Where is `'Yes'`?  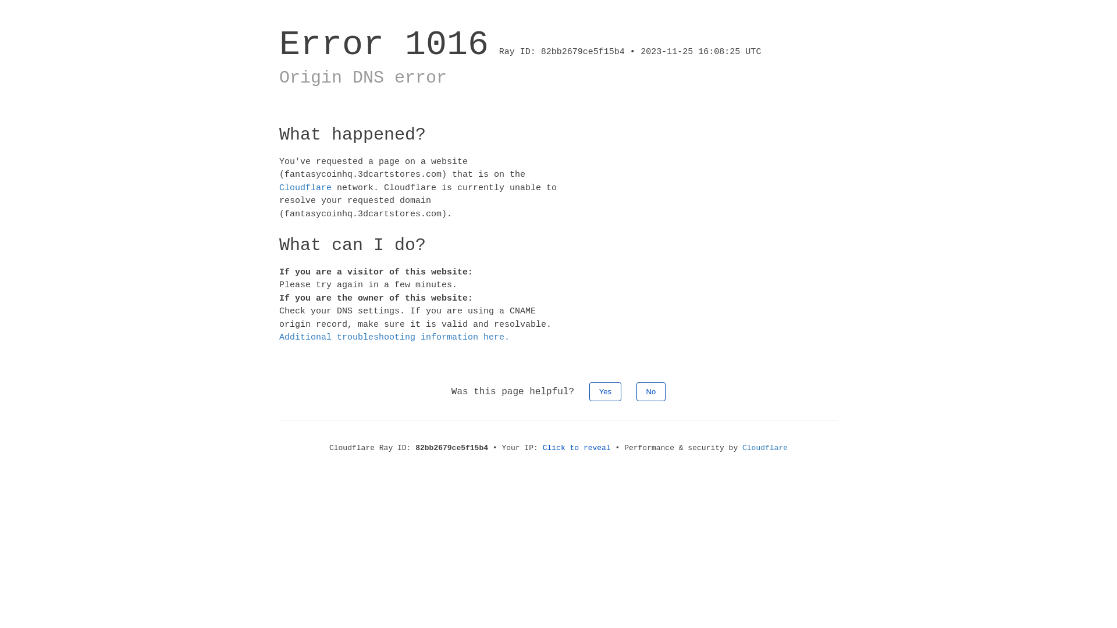
'Yes' is located at coordinates (605, 391).